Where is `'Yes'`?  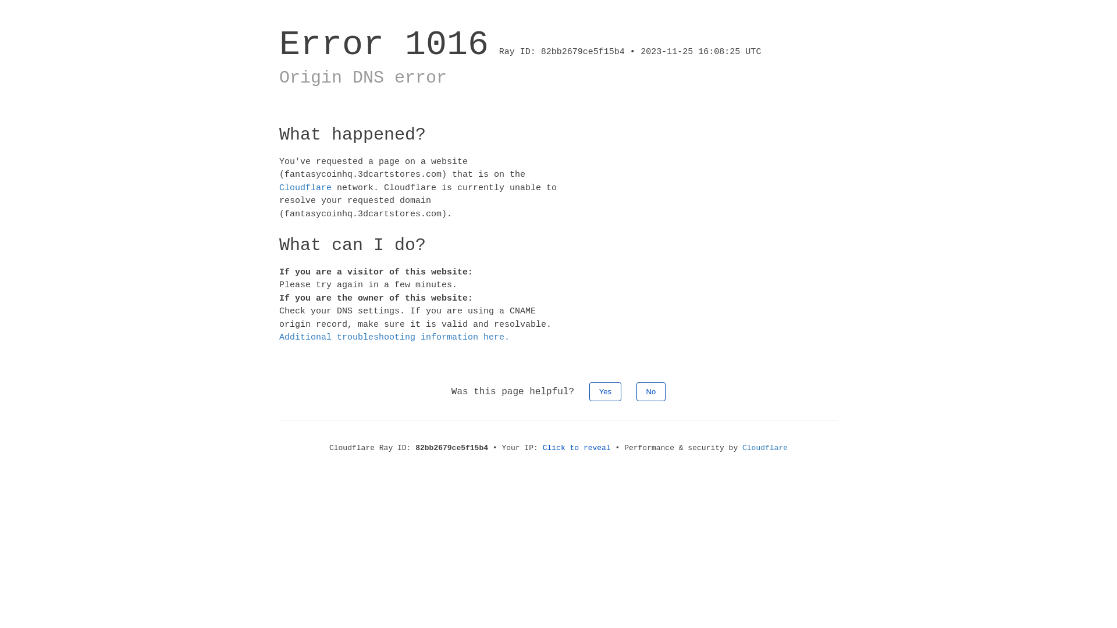
'Yes' is located at coordinates (605, 391).